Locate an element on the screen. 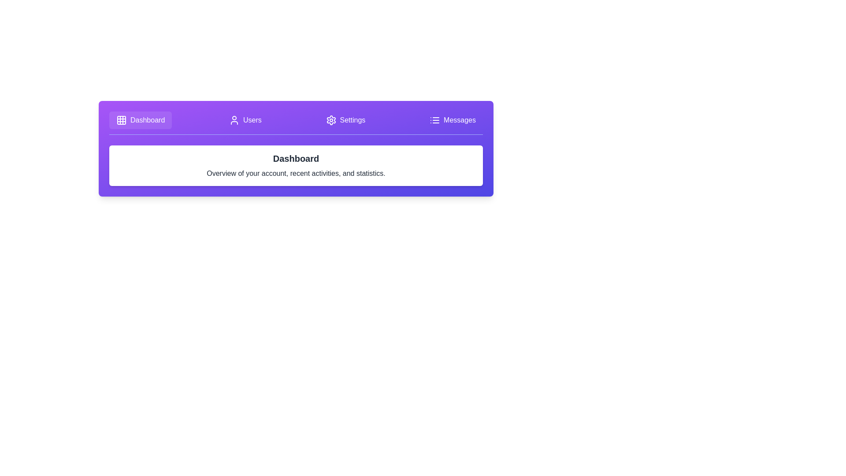  the vertically stacked lines icon resembling a list or options menu located to the left of the 'Messages' text label in the top navigation bar is located at coordinates (435, 120).